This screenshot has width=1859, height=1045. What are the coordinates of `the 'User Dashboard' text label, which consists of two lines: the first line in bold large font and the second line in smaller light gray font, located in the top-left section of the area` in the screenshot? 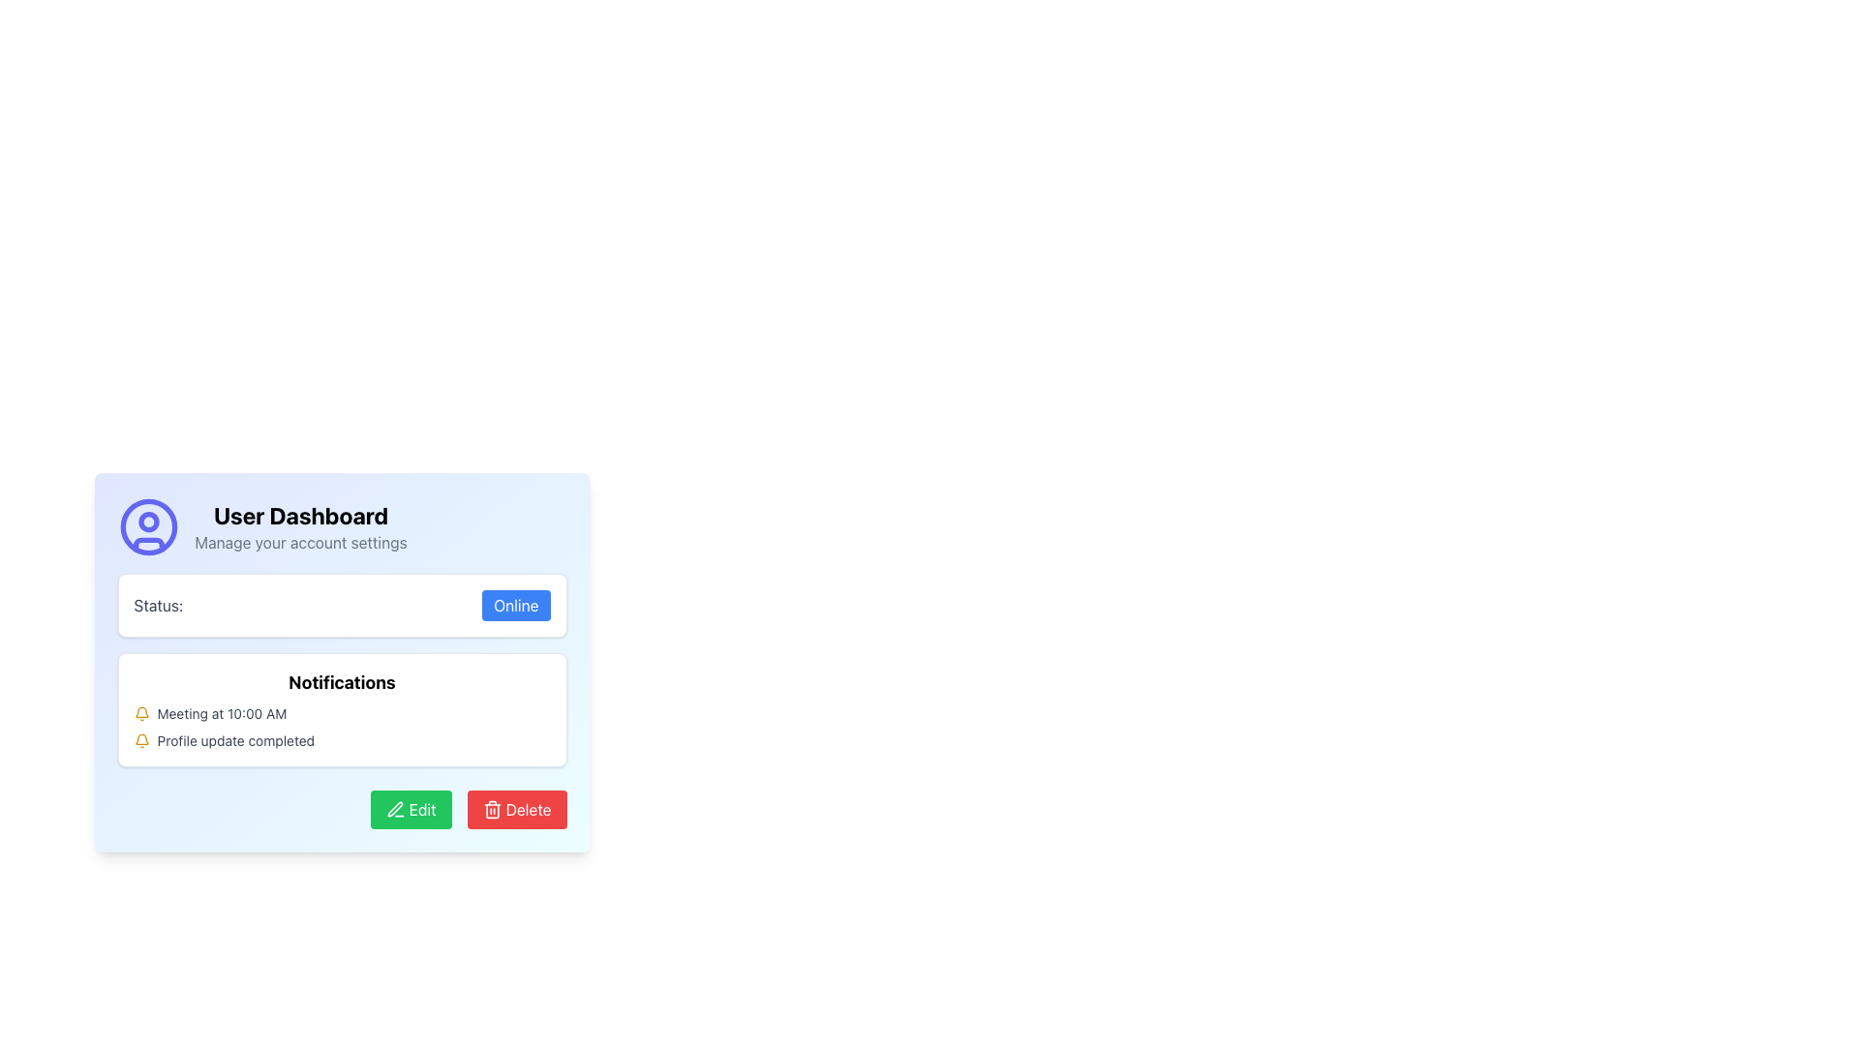 It's located at (300, 526).